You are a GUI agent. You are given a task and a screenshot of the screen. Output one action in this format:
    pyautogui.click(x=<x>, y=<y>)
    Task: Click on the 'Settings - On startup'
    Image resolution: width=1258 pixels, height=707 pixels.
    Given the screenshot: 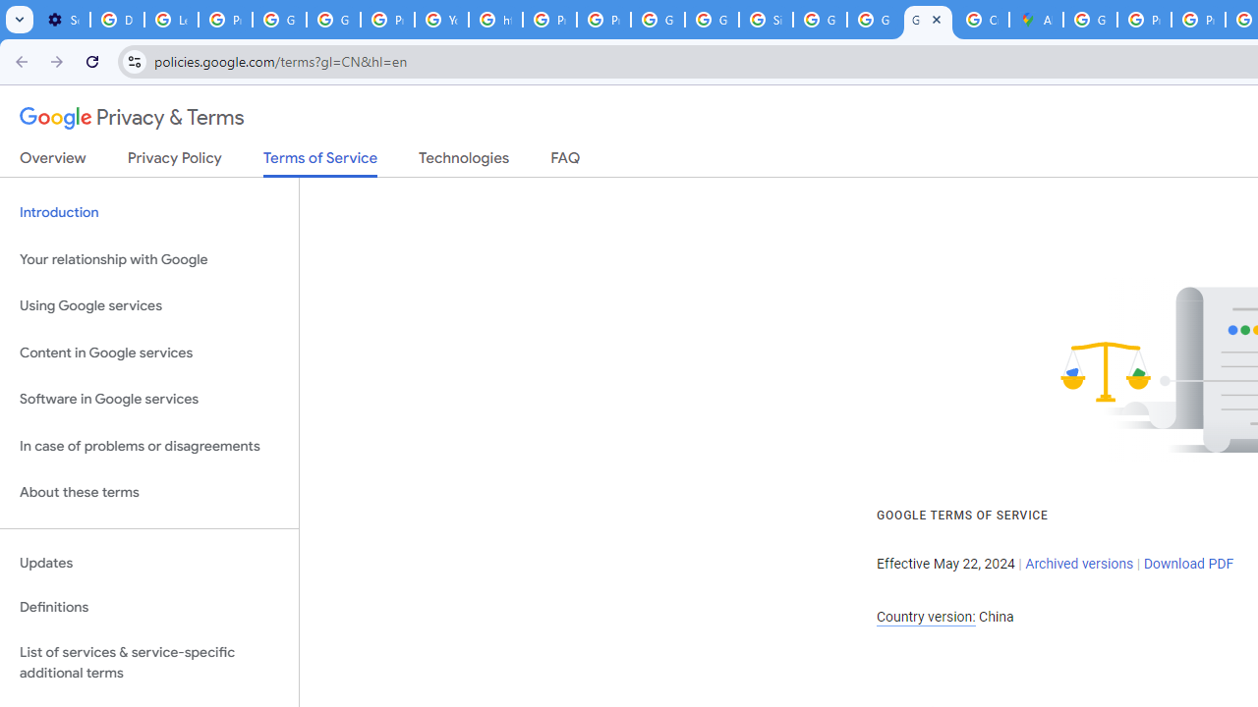 What is the action you would take?
    pyautogui.click(x=63, y=20)
    